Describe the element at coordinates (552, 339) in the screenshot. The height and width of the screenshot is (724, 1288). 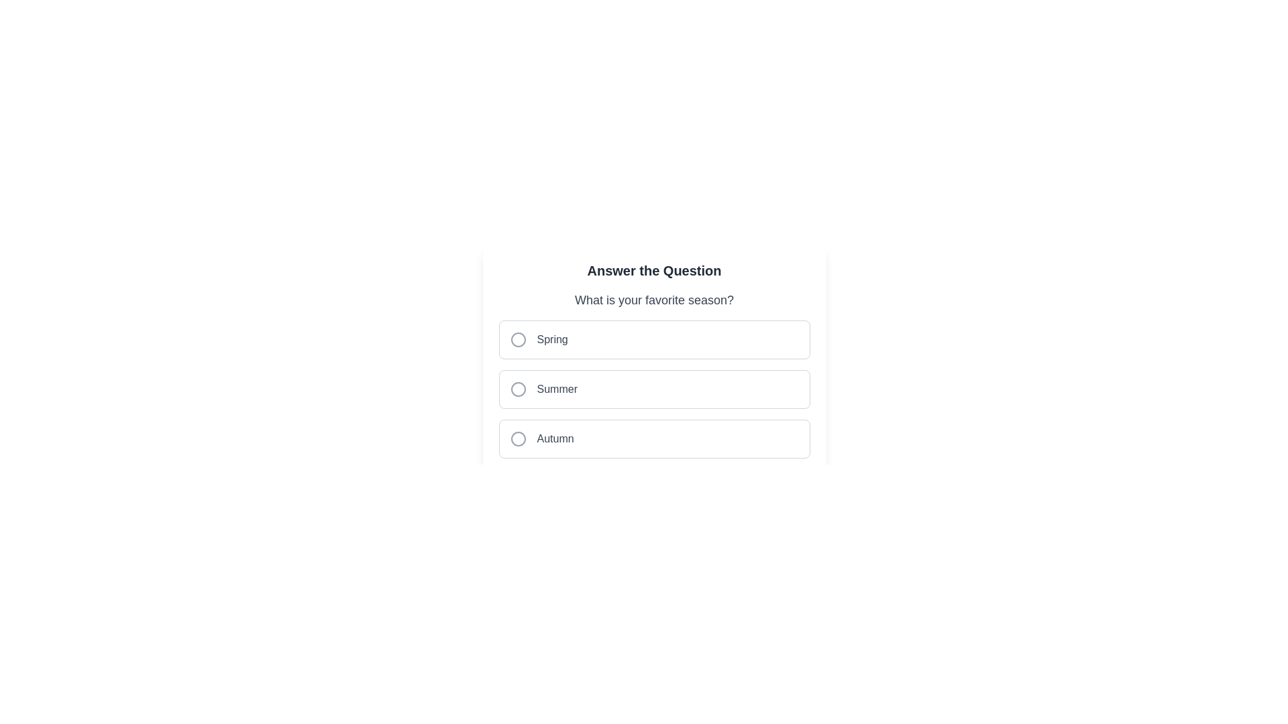
I see `the 'Spring' radio button label` at that location.